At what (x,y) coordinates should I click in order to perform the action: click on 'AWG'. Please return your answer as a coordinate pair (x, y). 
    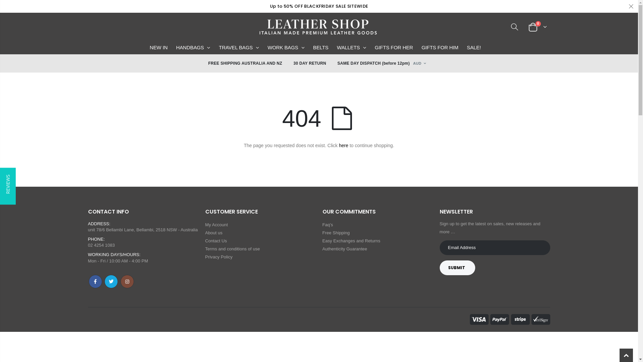
    Looking at the image, I should click on (419, 134).